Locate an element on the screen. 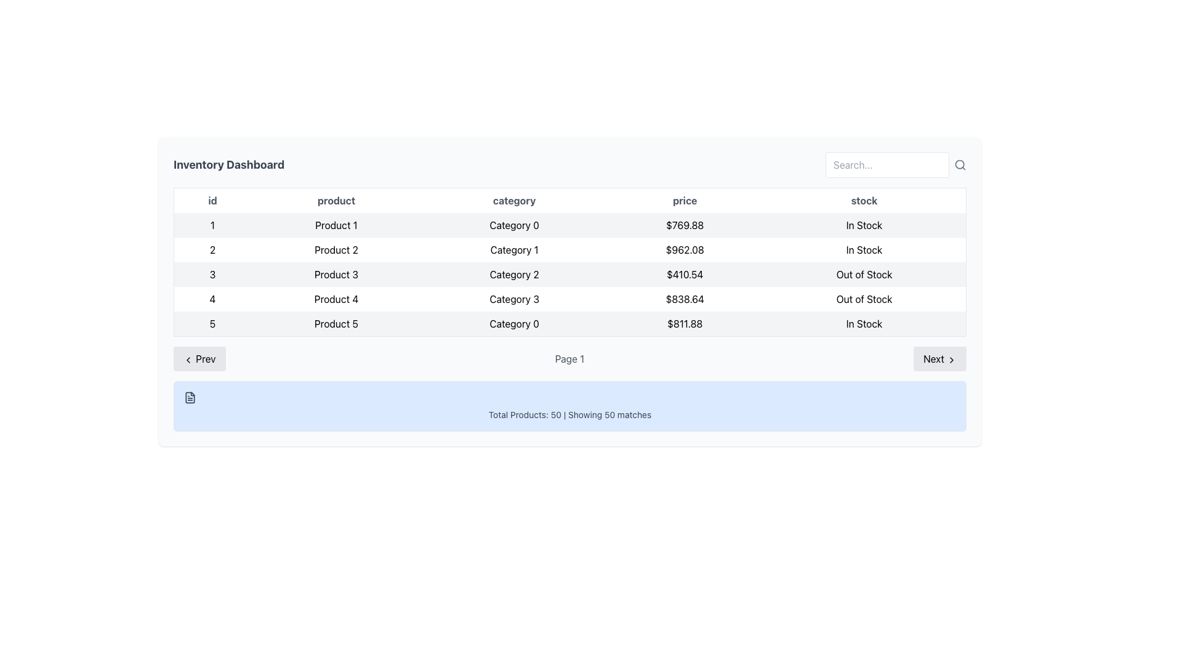 The height and width of the screenshot is (665, 1182). the table cell that identifies the id number for 'Product 4' in the corresponding row under the 'id' column is located at coordinates (212, 299).